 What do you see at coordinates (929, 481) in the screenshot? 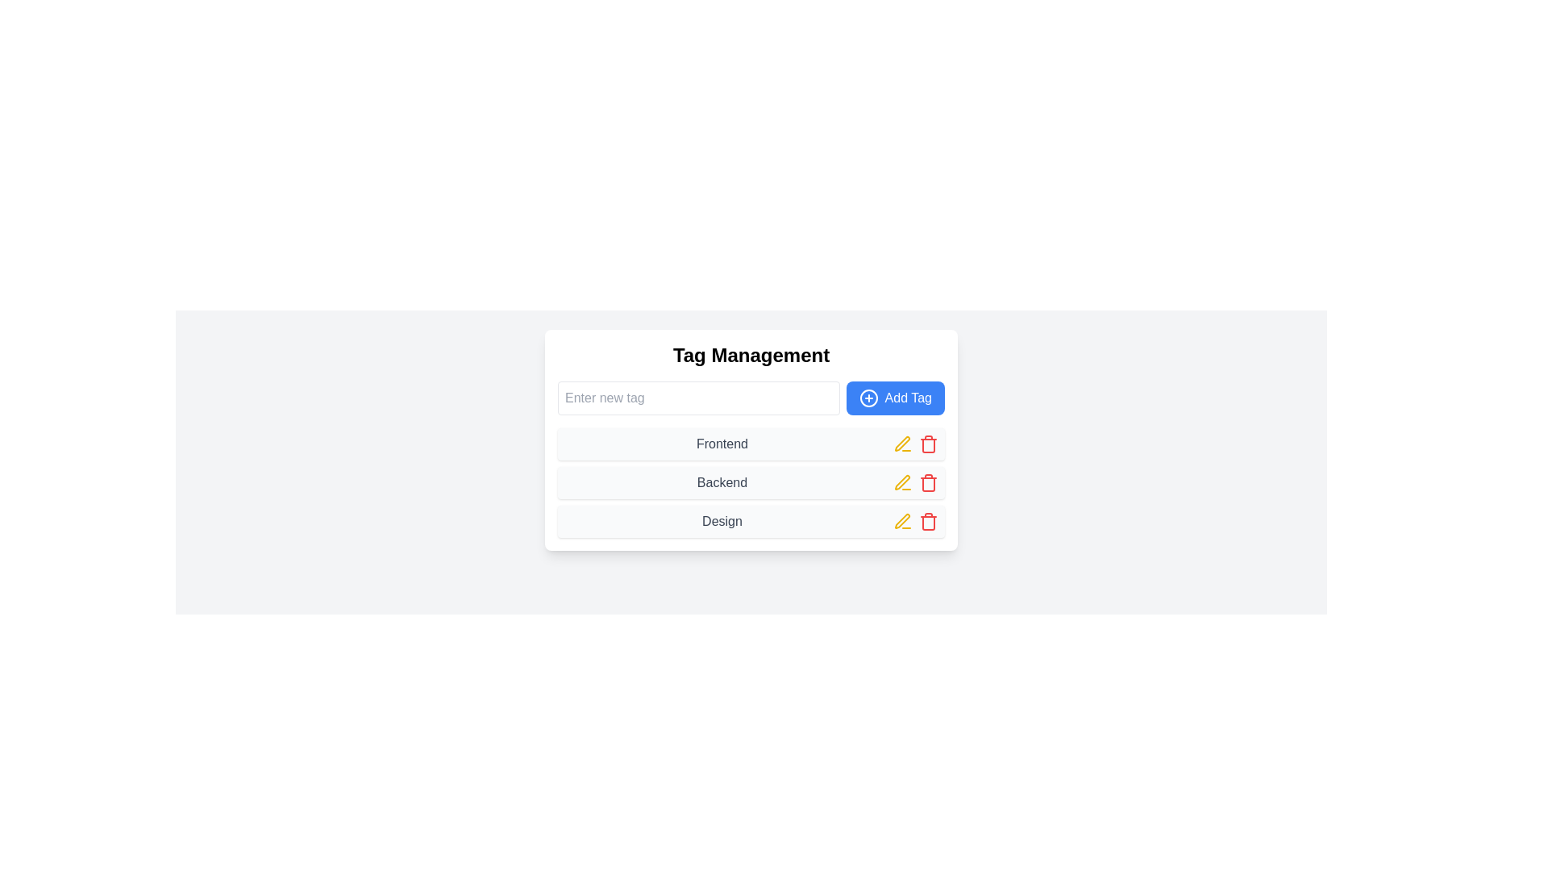
I see `the red trash can icon button located on the far right of the second row in the Tag Management interface` at bounding box center [929, 481].